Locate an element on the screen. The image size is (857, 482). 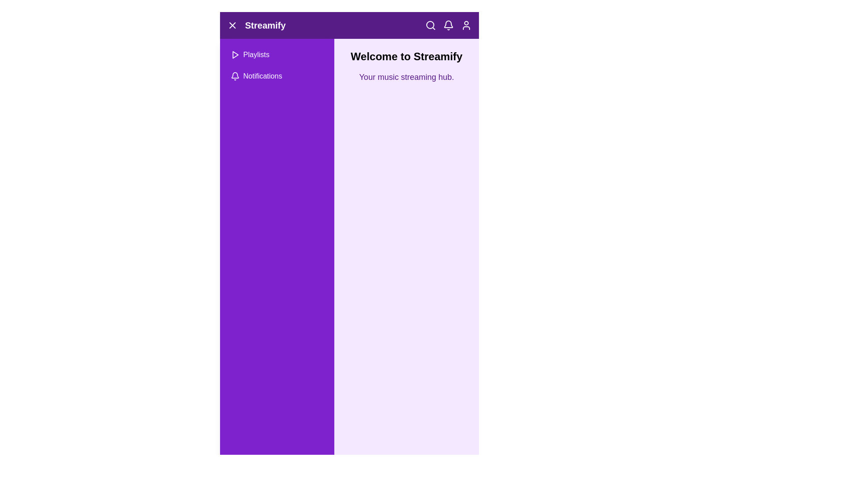
the SVG Circle that represents the lens of the magnifying glass in the top-right corner of the navigation bar is located at coordinates (430, 25).